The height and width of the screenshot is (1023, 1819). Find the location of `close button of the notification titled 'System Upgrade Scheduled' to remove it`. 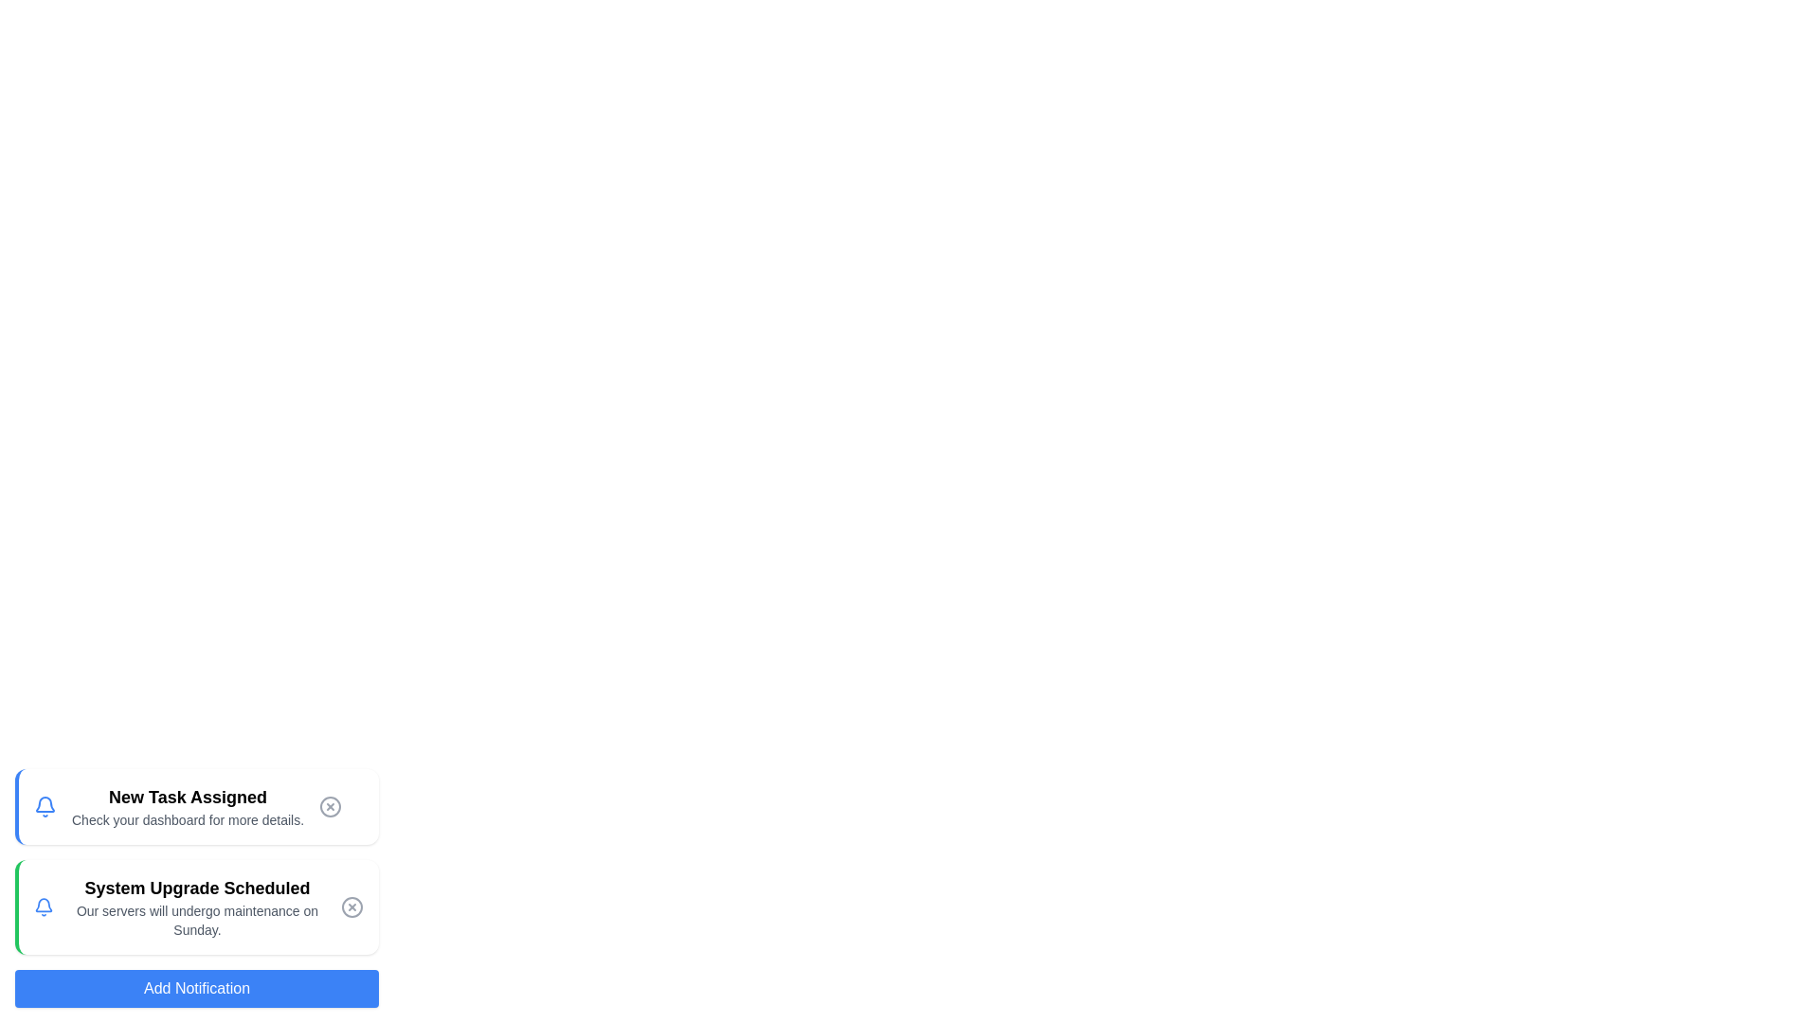

close button of the notification titled 'System Upgrade Scheduled' to remove it is located at coordinates (352, 906).